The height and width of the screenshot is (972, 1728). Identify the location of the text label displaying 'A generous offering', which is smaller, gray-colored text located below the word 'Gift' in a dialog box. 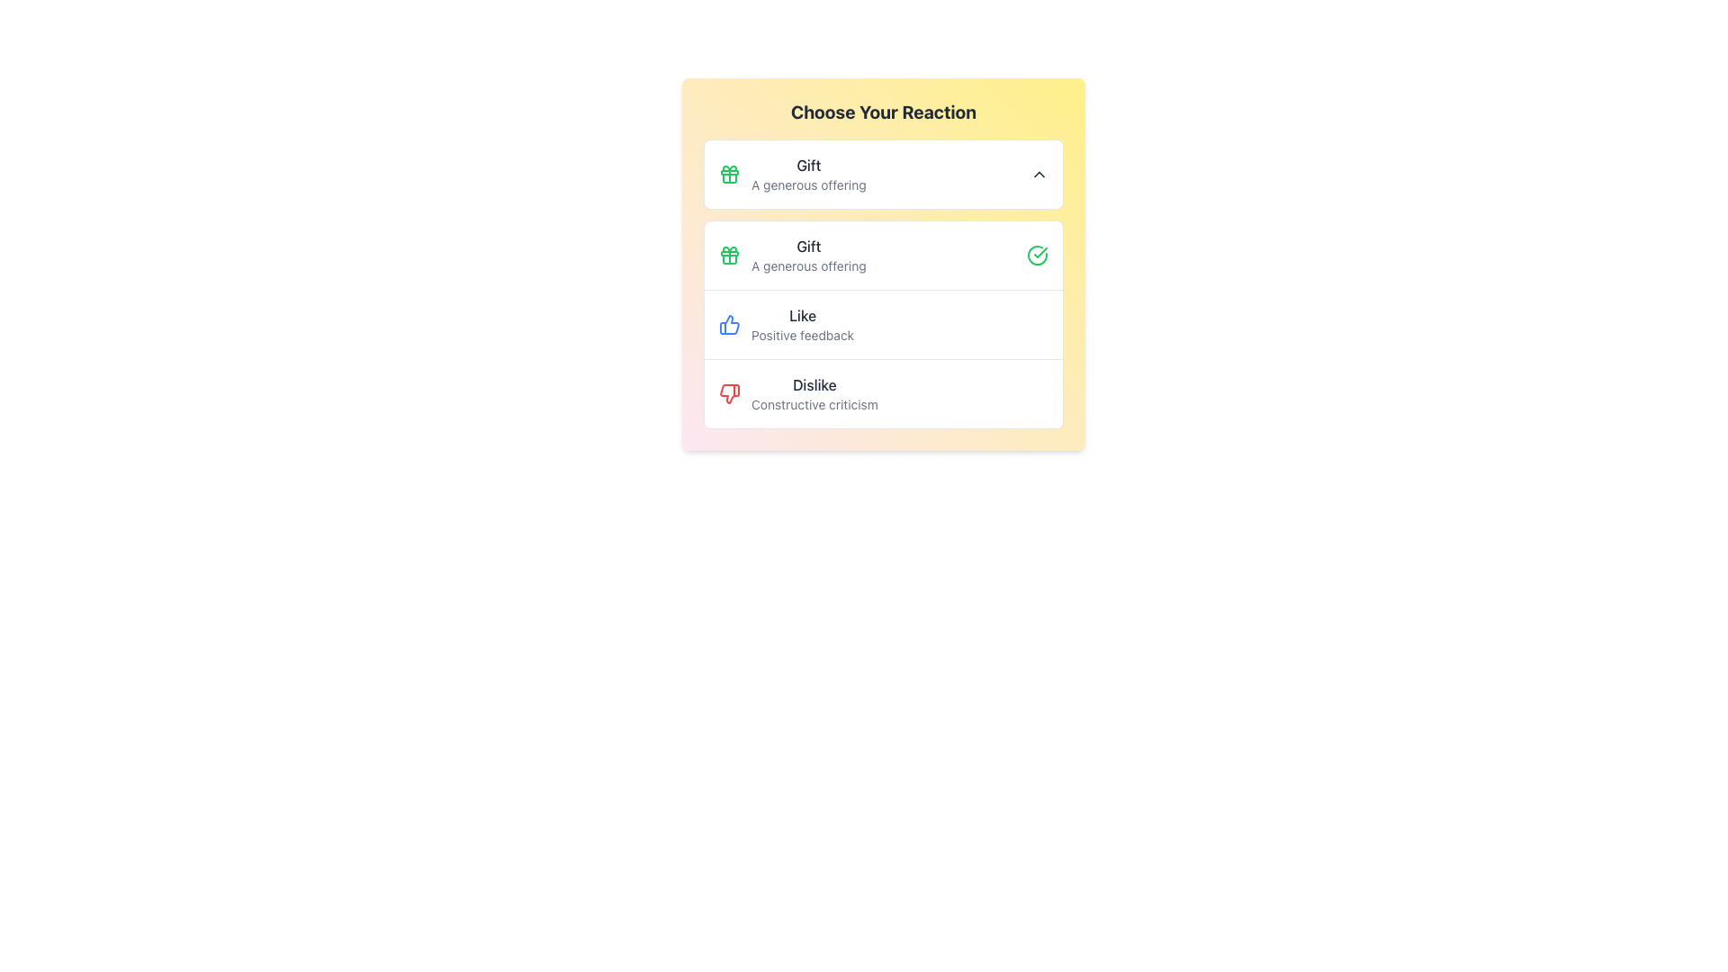
(807, 184).